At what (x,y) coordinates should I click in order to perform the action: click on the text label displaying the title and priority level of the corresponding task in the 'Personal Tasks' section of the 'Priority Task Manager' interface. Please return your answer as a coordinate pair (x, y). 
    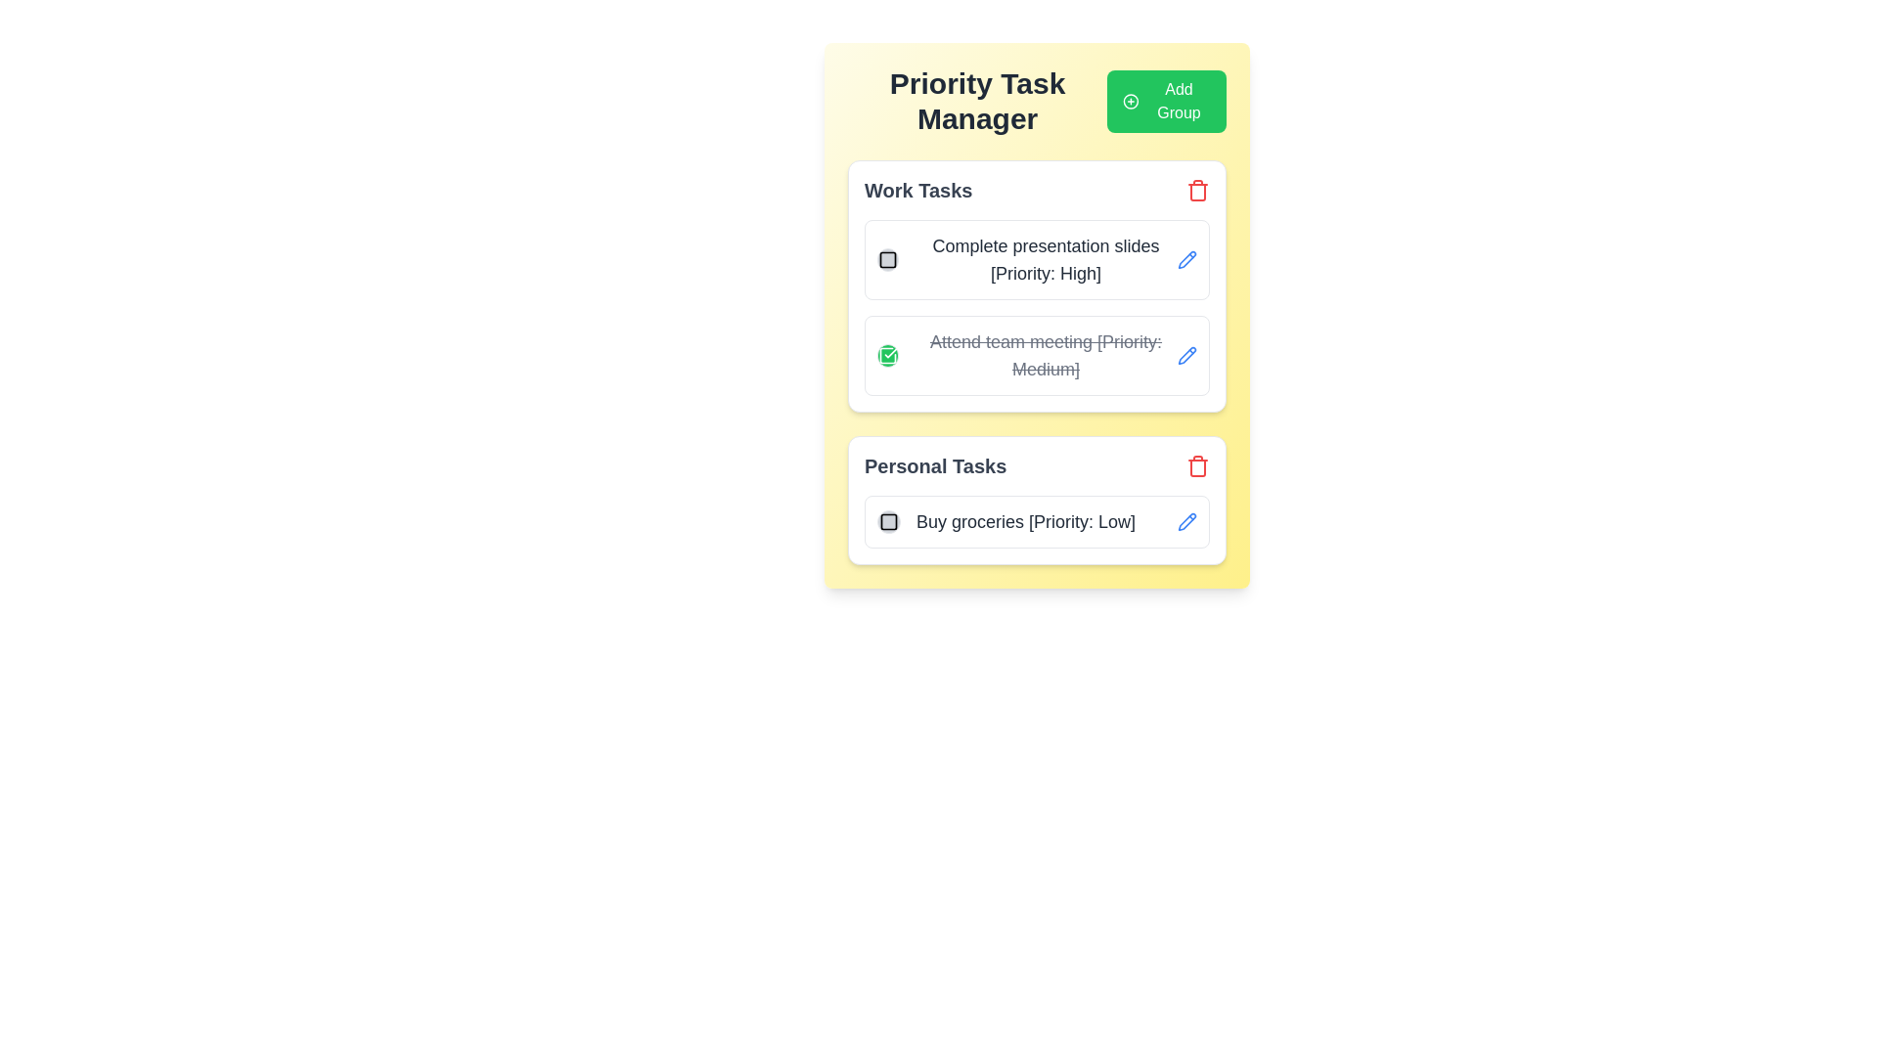
    Looking at the image, I should click on (1025, 520).